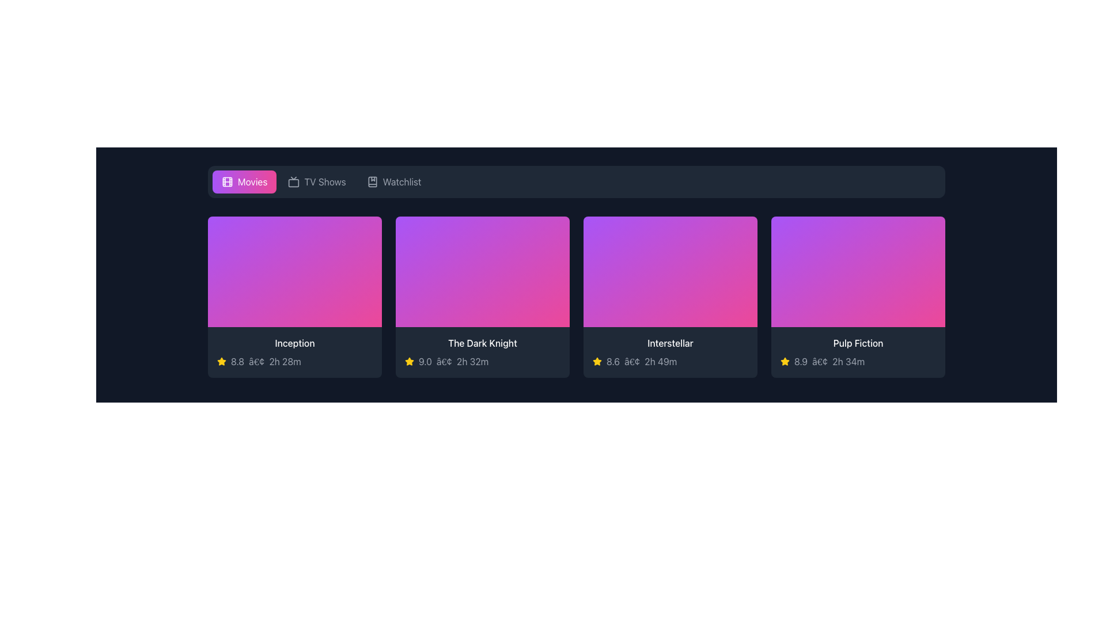 This screenshot has height=622, width=1106. Describe the element at coordinates (372, 181) in the screenshot. I see `the 'Watchlist' icon located in the top navigation bar, to the right of the 'Movies' and 'TV Shows' labels, which allows users to manage their saved content` at that location.